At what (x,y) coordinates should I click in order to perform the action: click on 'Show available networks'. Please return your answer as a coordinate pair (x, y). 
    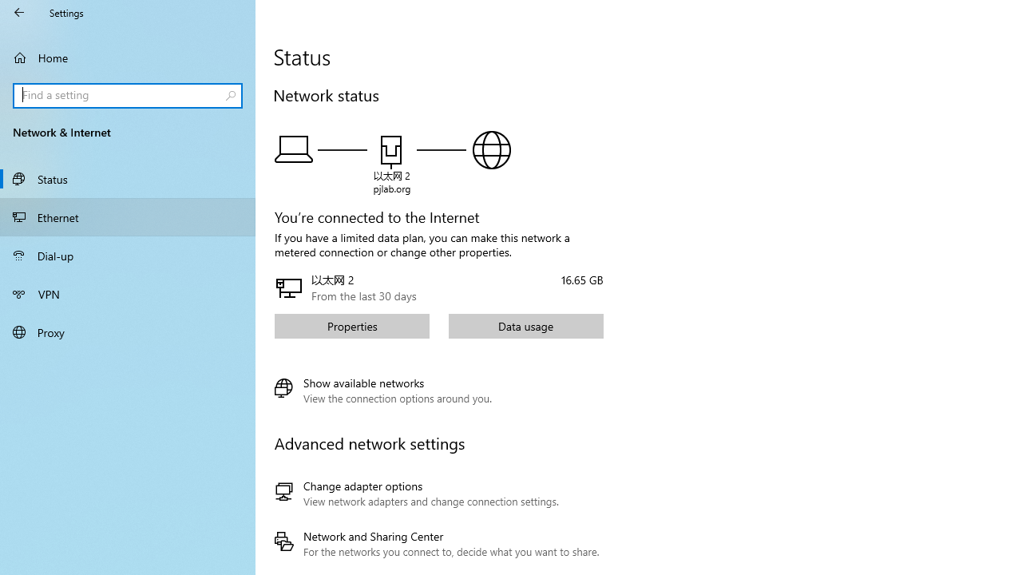
    Looking at the image, I should click on (383, 391).